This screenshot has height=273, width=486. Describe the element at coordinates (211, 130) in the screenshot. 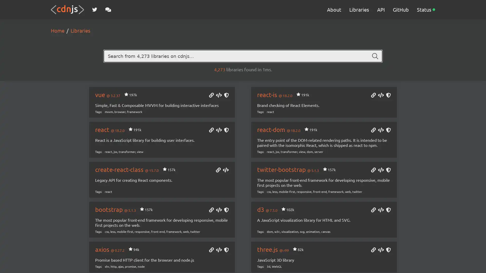

I see `Copy URL` at that location.